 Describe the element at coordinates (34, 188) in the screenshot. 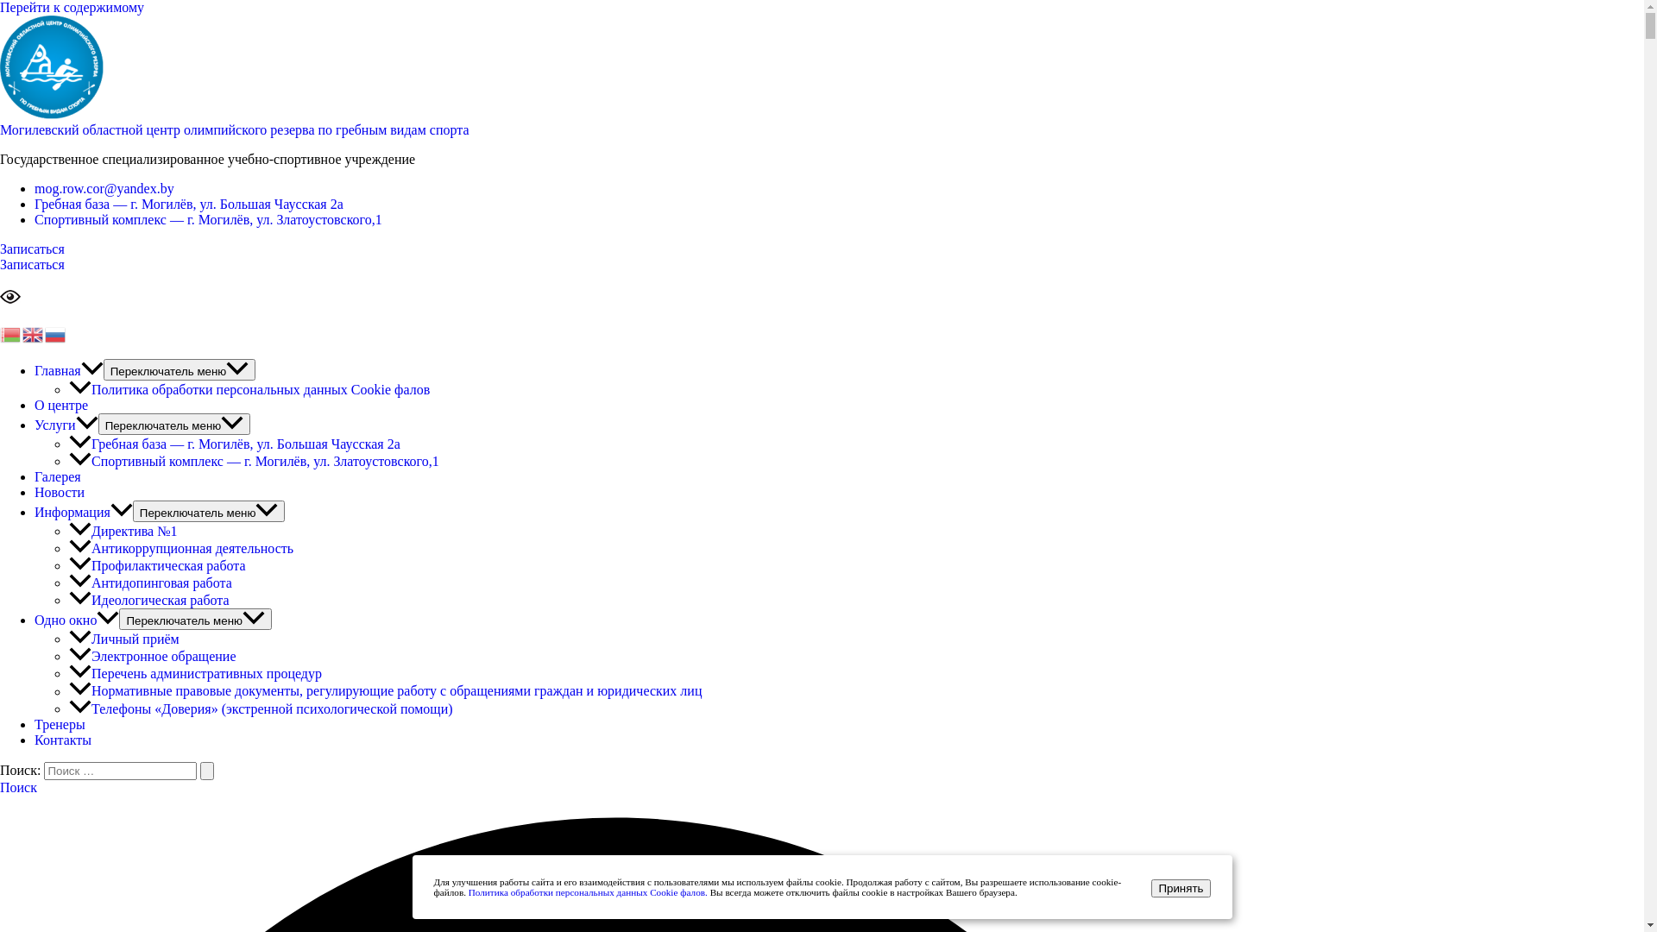

I see `'mog.row.cor@yandex.by'` at that location.